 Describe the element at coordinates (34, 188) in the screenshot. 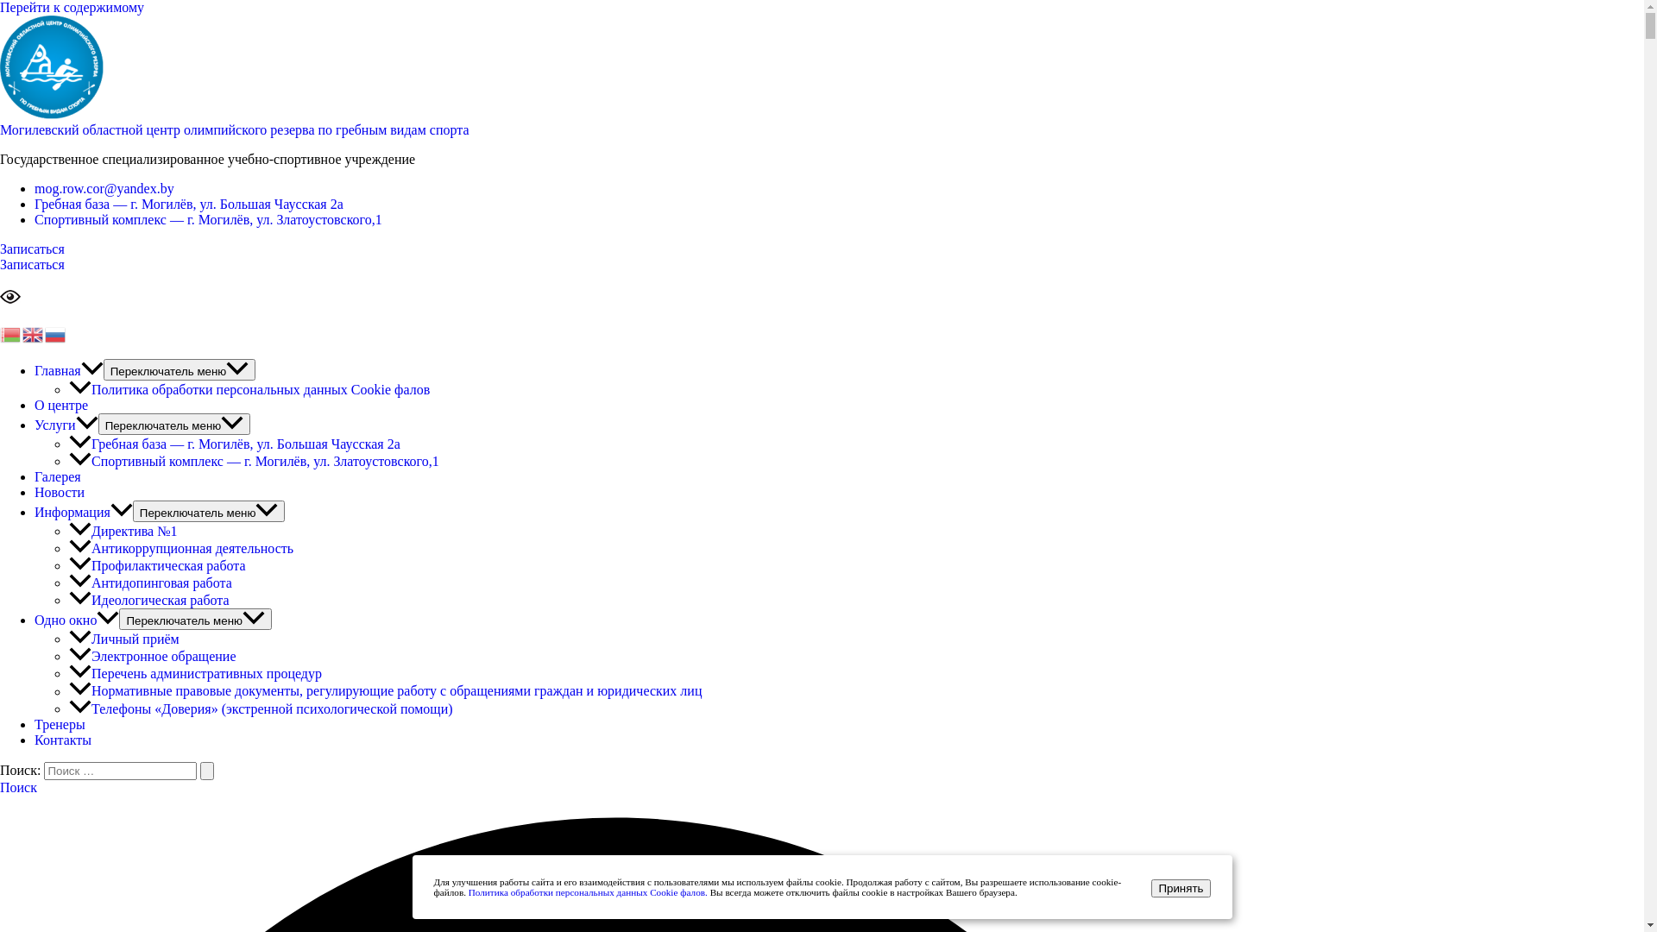

I see `'mog.row.cor@yandex.by'` at that location.